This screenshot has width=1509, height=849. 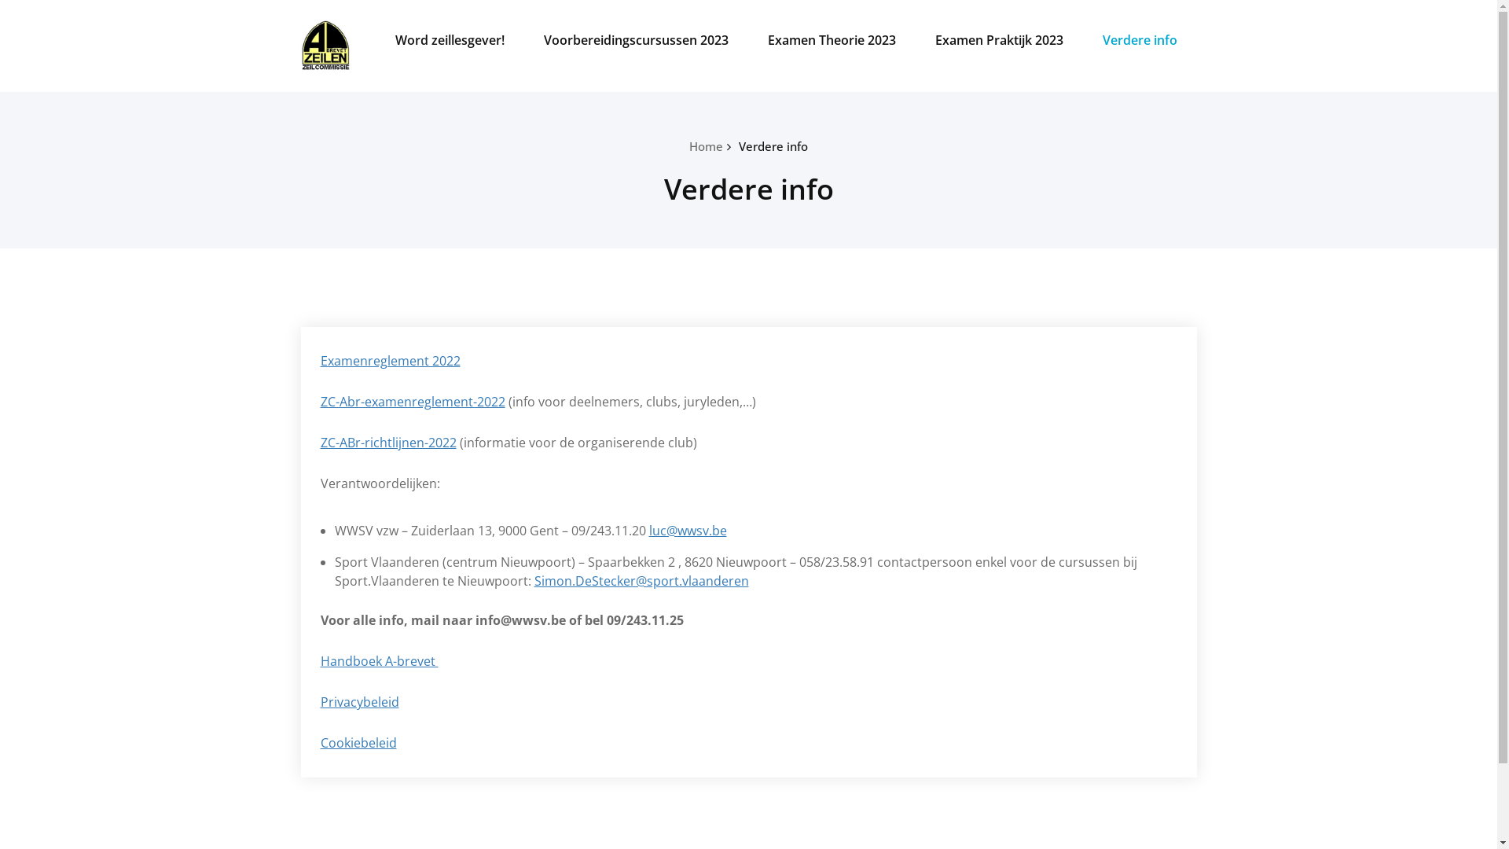 What do you see at coordinates (688, 531) in the screenshot?
I see `'luc@wwsv.be'` at bounding box center [688, 531].